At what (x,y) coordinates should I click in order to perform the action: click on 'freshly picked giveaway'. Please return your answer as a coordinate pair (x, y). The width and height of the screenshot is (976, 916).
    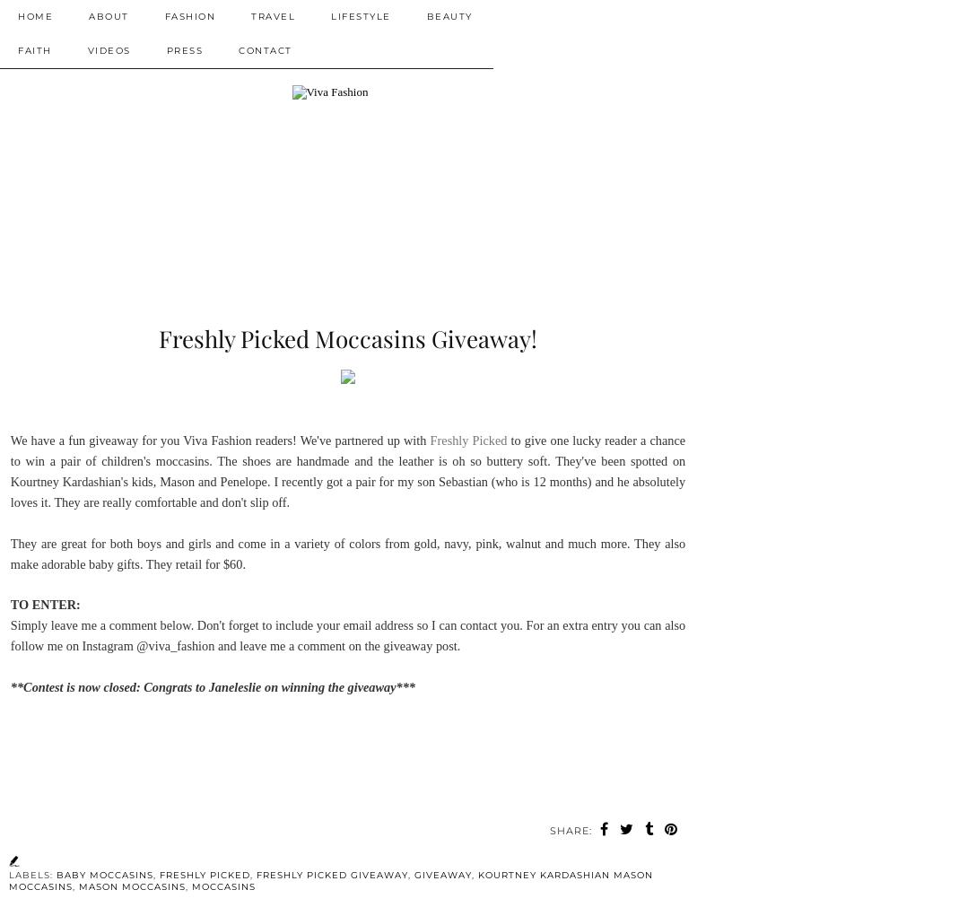
    Looking at the image, I should click on (255, 874).